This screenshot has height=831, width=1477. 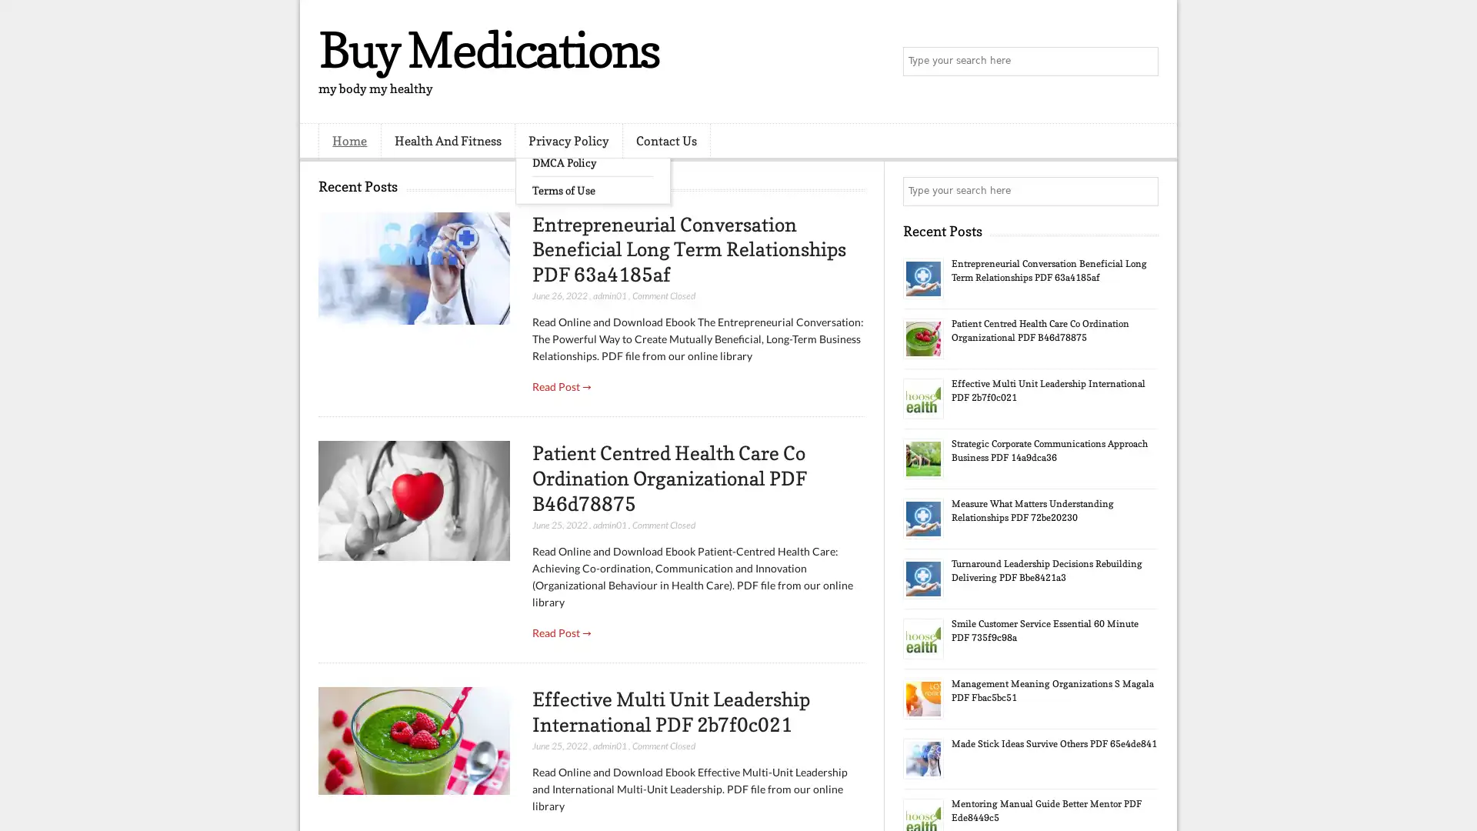 What do you see at coordinates (1142, 62) in the screenshot?
I see `Search` at bounding box center [1142, 62].